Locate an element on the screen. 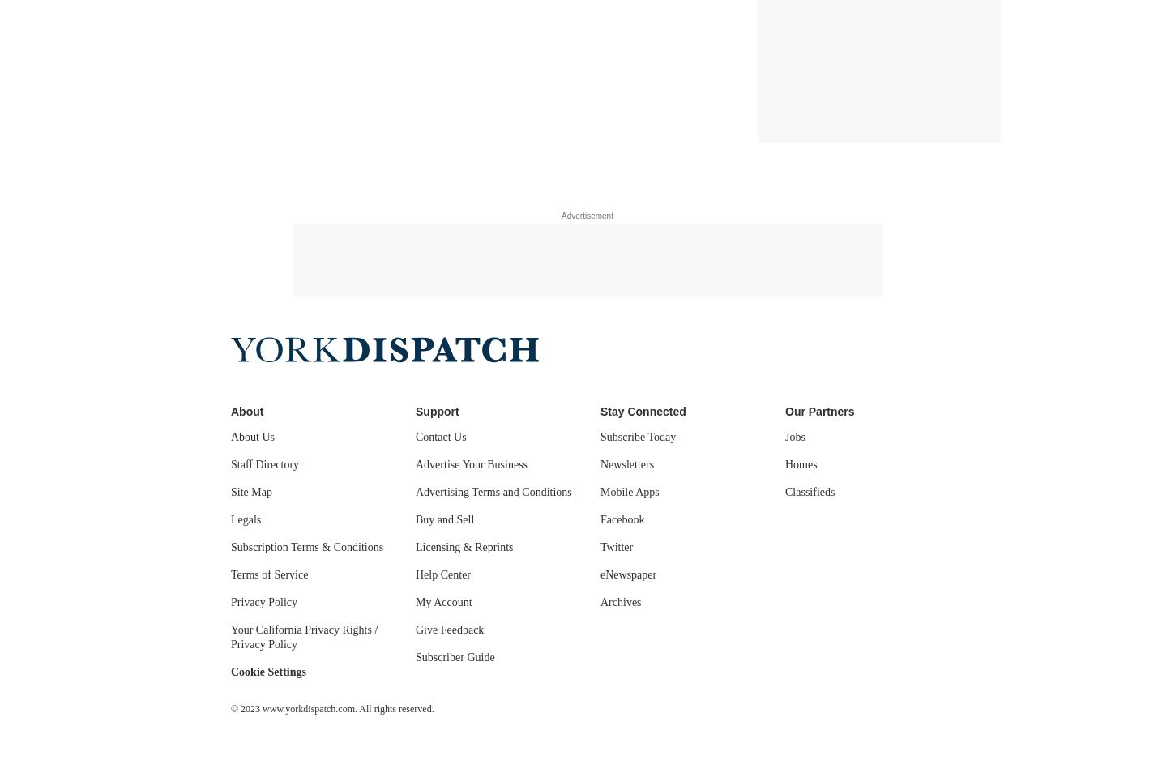 The image size is (1175, 760). 'Site Map' is located at coordinates (231, 492).